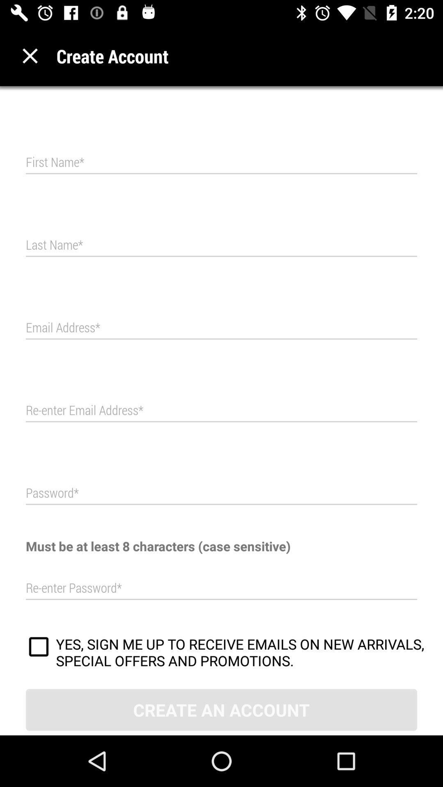 The image size is (443, 787). What do you see at coordinates (221, 493) in the screenshot?
I see `text box` at bounding box center [221, 493].